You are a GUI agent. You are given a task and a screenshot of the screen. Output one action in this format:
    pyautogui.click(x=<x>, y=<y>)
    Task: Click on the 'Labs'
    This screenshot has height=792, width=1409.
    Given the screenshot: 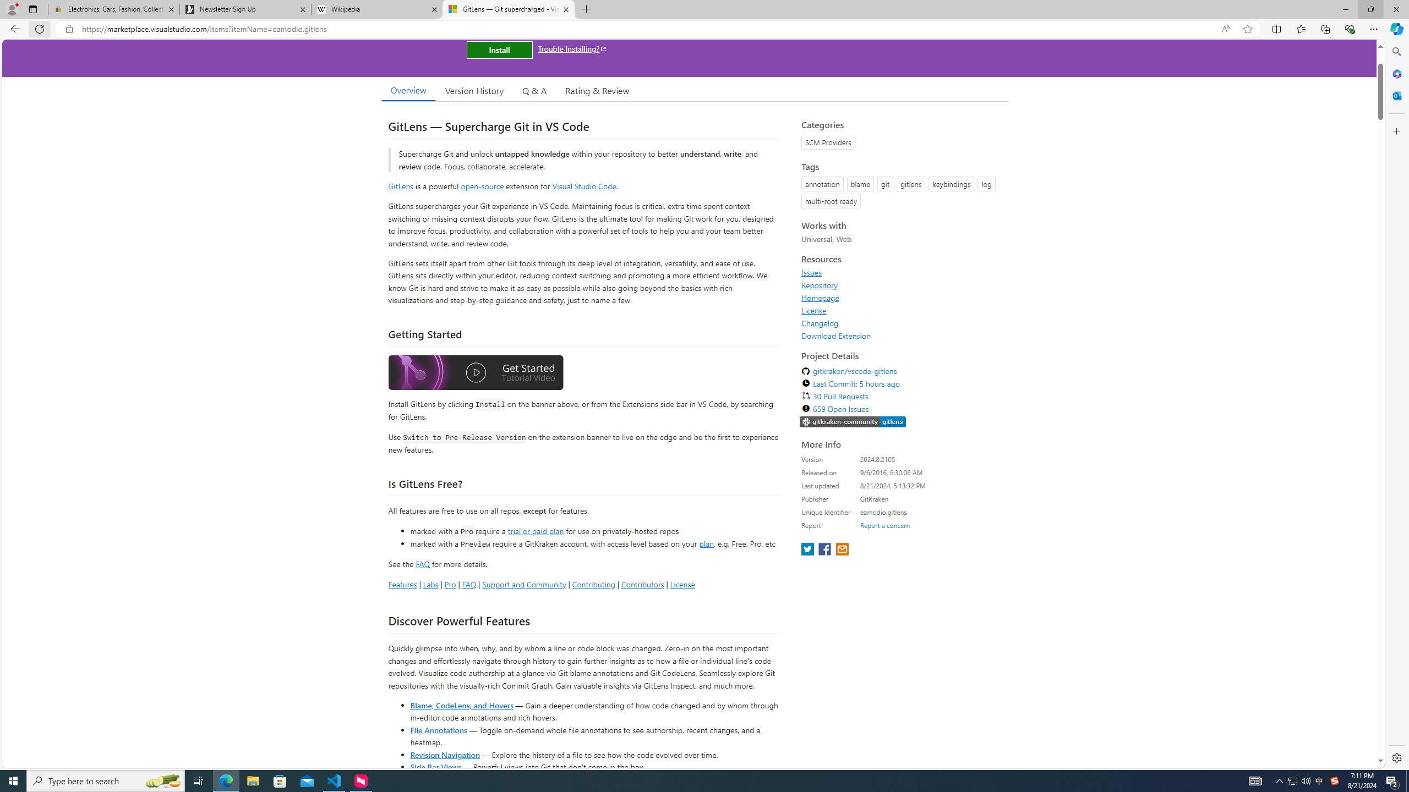 What is the action you would take?
    pyautogui.click(x=430, y=584)
    